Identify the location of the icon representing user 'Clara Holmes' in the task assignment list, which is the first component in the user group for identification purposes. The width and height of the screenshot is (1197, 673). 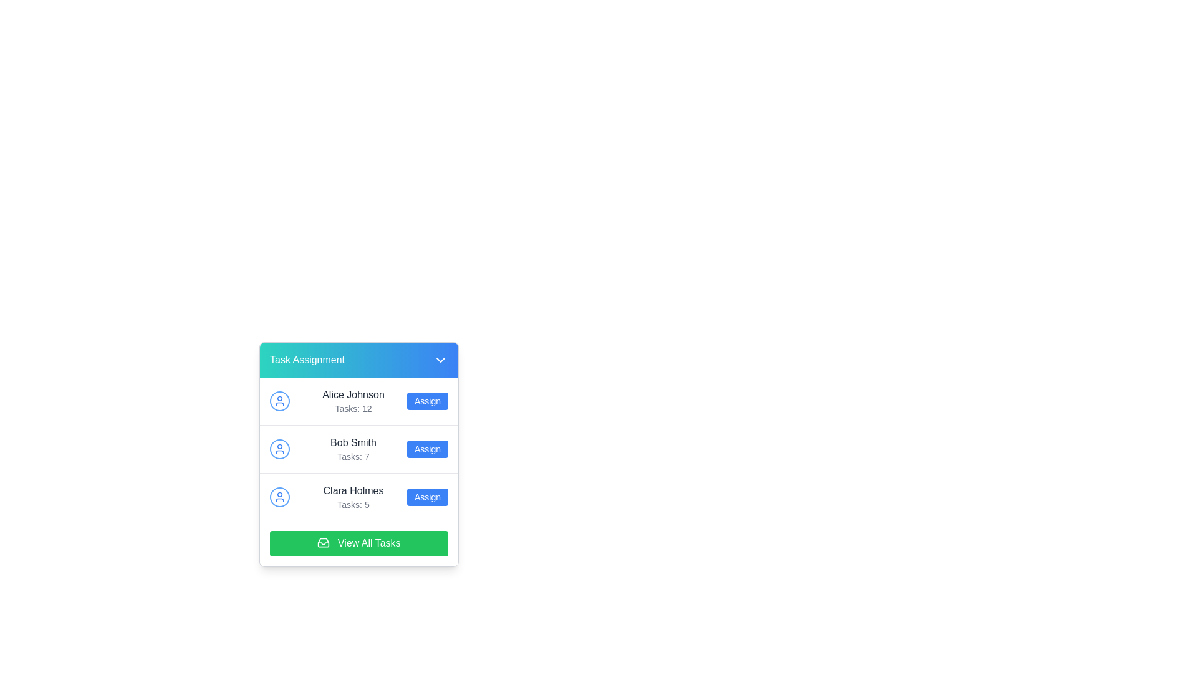
(279, 497).